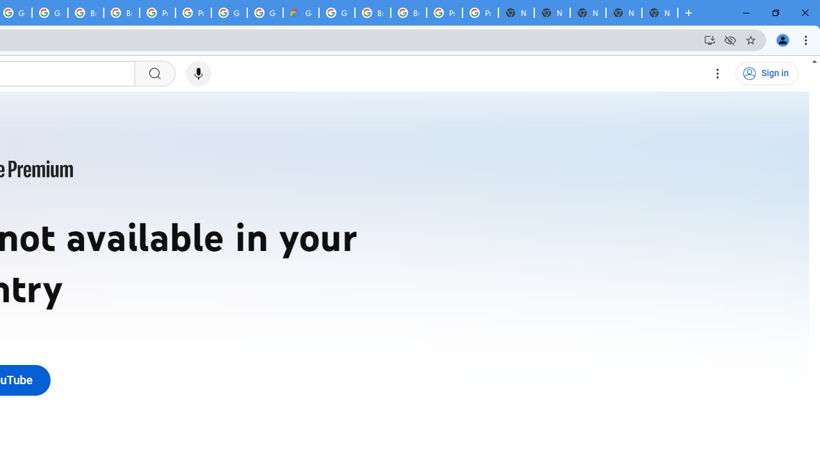 The height and width of the screenshot is (461, 820). What do you see at coordinates (300, 13) in the screenshot?
I see `'Google Cloud Estimate Summary'` at bounding box center [300, 13].